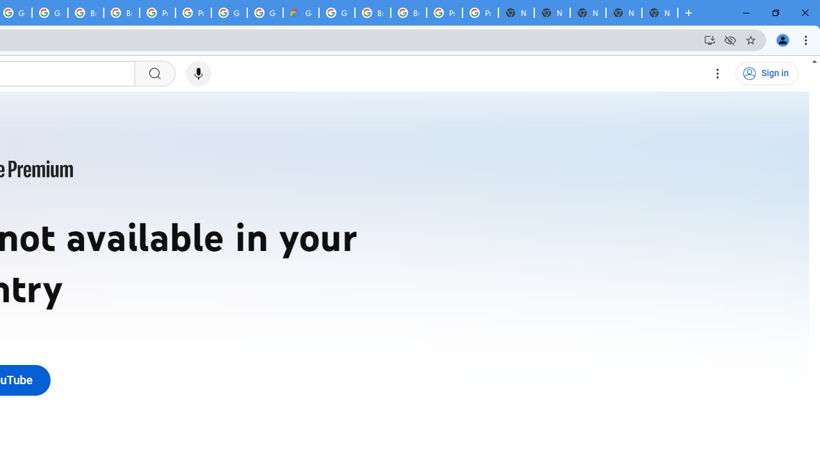 The height and width of the screenshot is (461, 820). What do you see at coordinates (300, 13) in the screenshot?
I see `'Google Cloud Estimate Summary'` at bounding box center [300, 13].